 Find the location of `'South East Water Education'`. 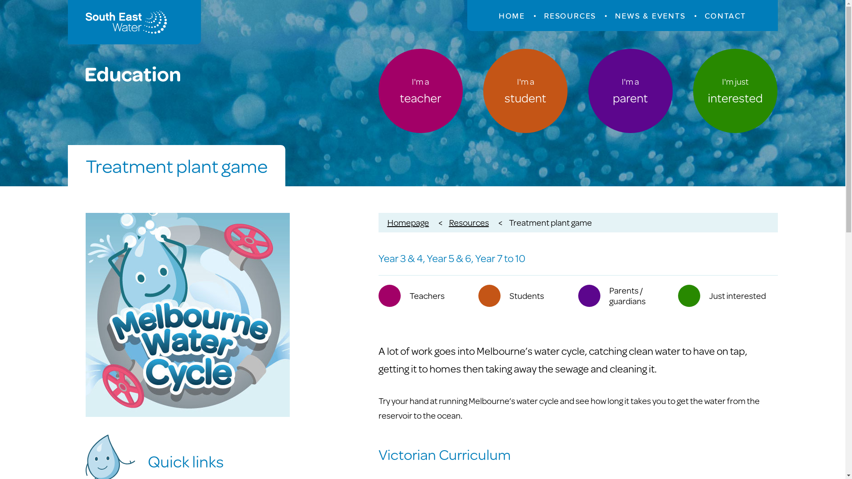

'South East Water Education' is located at coordinates (134, 22).